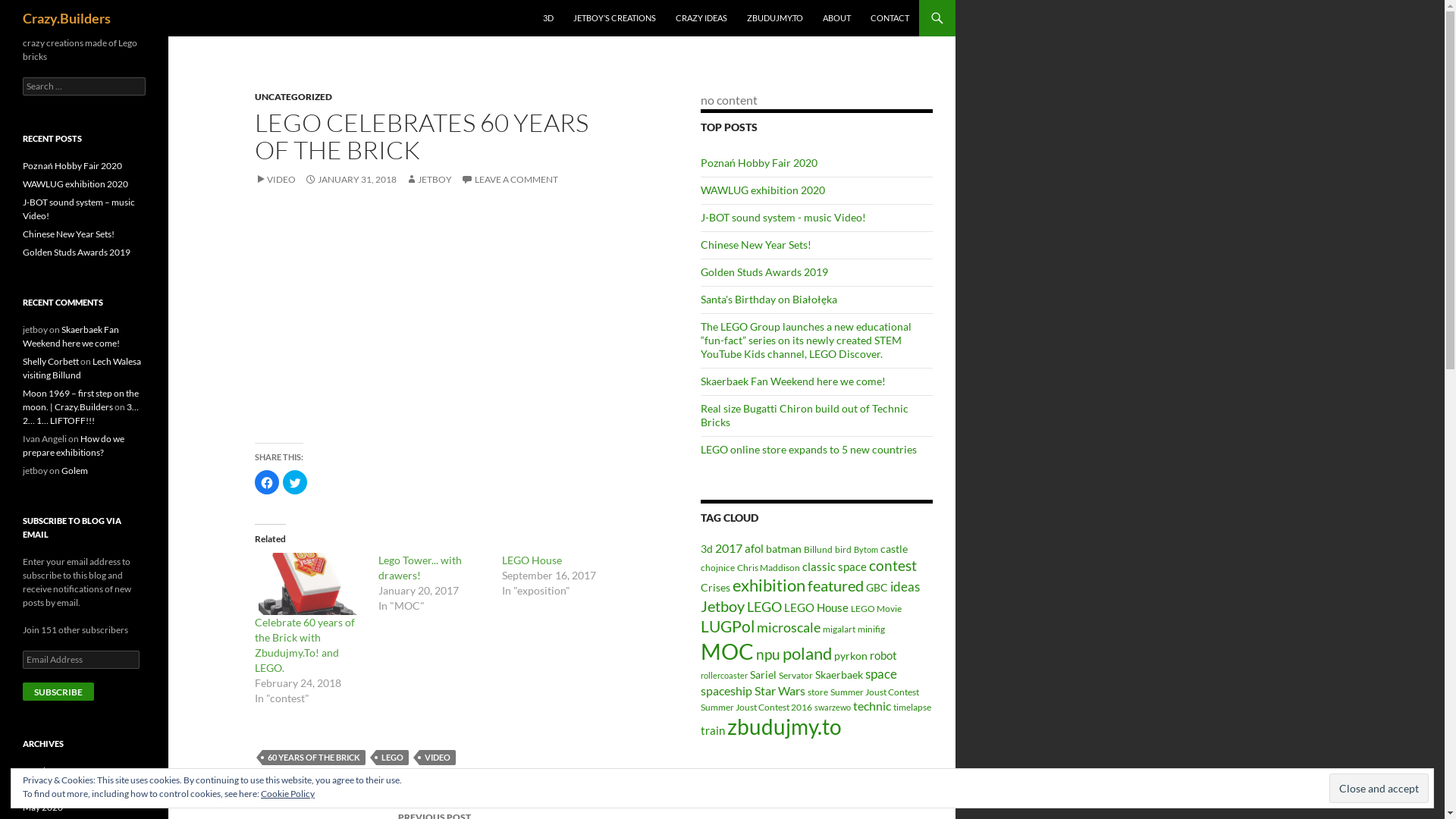 The image size is (1456, 819). I want to click on 'Shelly Corbett', so click(51, 361).